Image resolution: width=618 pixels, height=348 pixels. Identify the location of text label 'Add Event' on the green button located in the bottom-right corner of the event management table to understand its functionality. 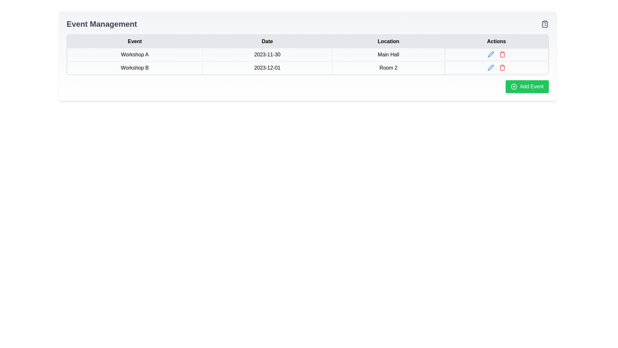
(532, 86).